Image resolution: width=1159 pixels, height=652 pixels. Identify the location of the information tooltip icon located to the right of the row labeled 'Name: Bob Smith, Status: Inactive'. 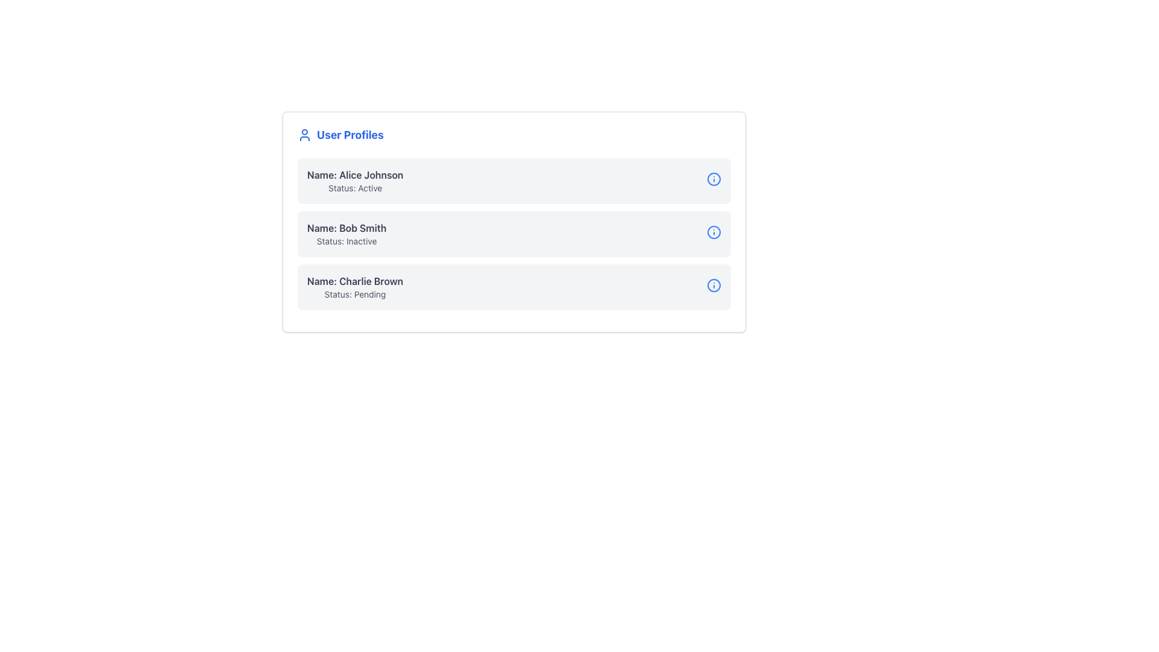
(714, 232).